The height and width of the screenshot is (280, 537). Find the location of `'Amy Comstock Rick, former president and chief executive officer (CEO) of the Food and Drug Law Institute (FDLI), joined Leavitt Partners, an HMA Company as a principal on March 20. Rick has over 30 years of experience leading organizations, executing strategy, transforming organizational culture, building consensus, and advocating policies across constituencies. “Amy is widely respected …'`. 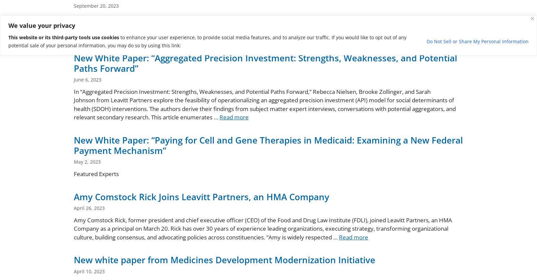

'Amy Comstock Rick, former president and chief executive officer (CEO) of the Food and Drug Law Institute (FDLI), joined Leavitt Partners, an HMA Company as a principal on March 20. Rick has over 30 years of experience leading organizations, executing strategy, transforming organizational culture, building consensus, and advocating policies across constituencies. “Amy is widely respected …' is located at coordinates (263, 228).